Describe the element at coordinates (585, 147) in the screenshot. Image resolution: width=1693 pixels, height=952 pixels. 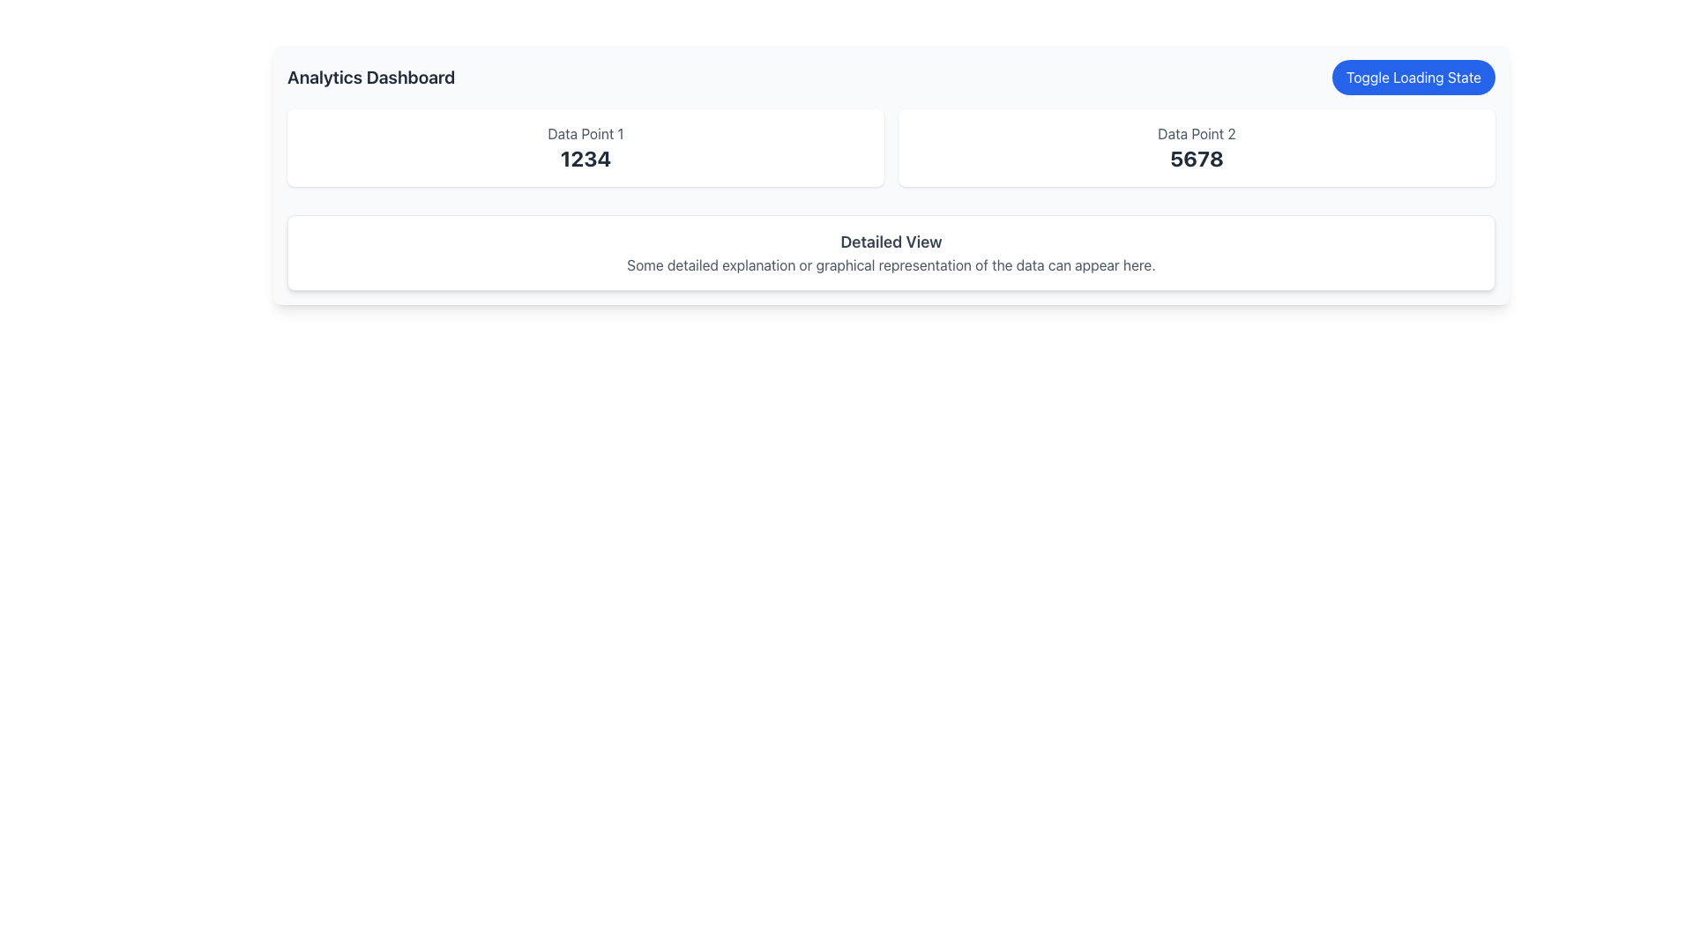
I see `the Card component displaying 'Data Point 1' with the value '1234' in the Analytics Dashboard` at that location.